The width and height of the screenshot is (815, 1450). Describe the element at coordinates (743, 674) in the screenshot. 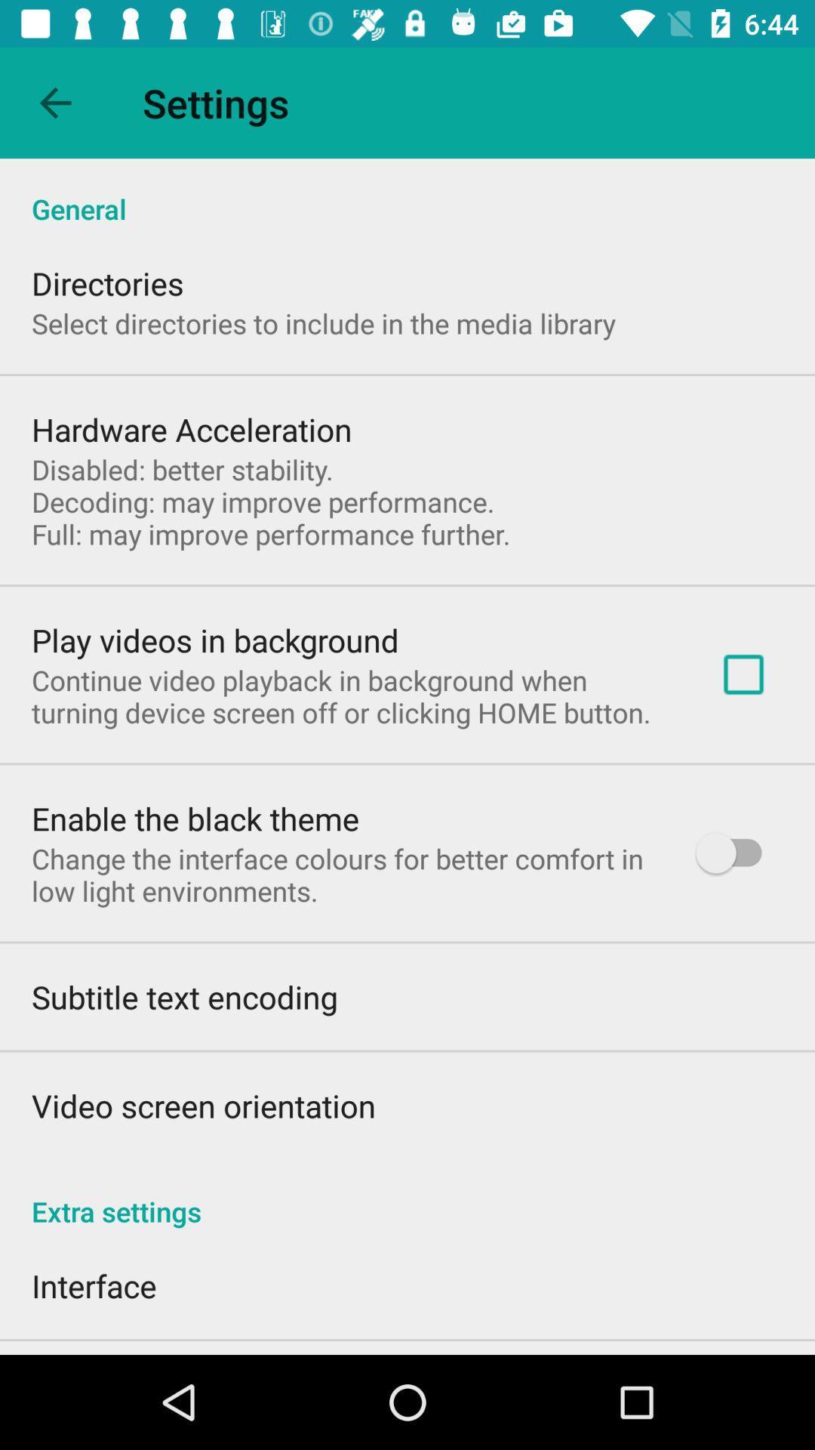

I see `item below general item` at that location.